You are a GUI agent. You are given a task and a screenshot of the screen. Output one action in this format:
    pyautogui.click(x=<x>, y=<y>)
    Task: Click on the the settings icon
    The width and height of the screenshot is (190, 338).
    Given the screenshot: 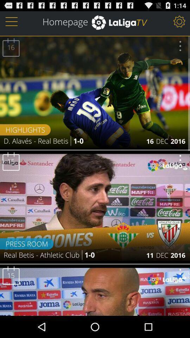 What is the action you would take?
    pyautogui.click(x=179, y=23)
    